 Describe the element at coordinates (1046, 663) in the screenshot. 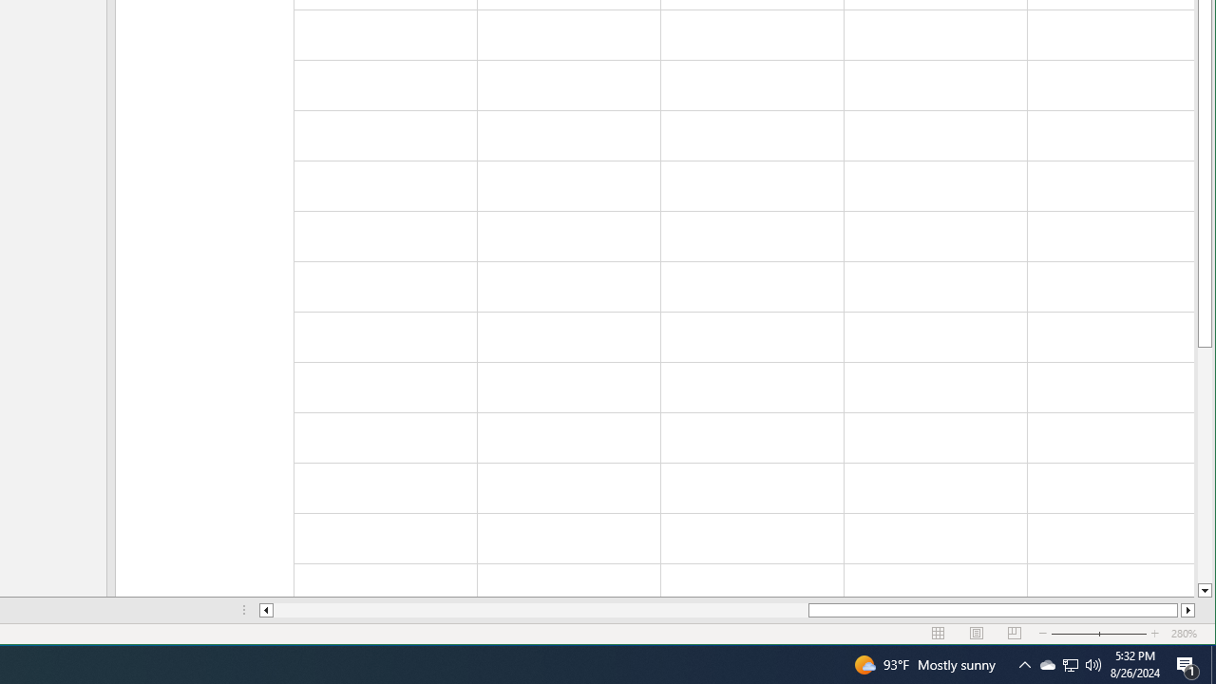

I see `'Notification Chevron'` at that location.